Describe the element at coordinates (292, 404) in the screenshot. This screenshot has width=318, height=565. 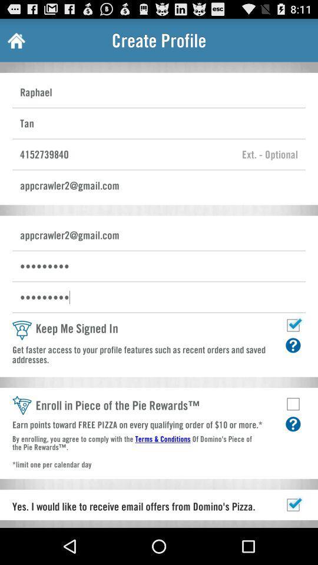
I see `join rewards program` at that location.